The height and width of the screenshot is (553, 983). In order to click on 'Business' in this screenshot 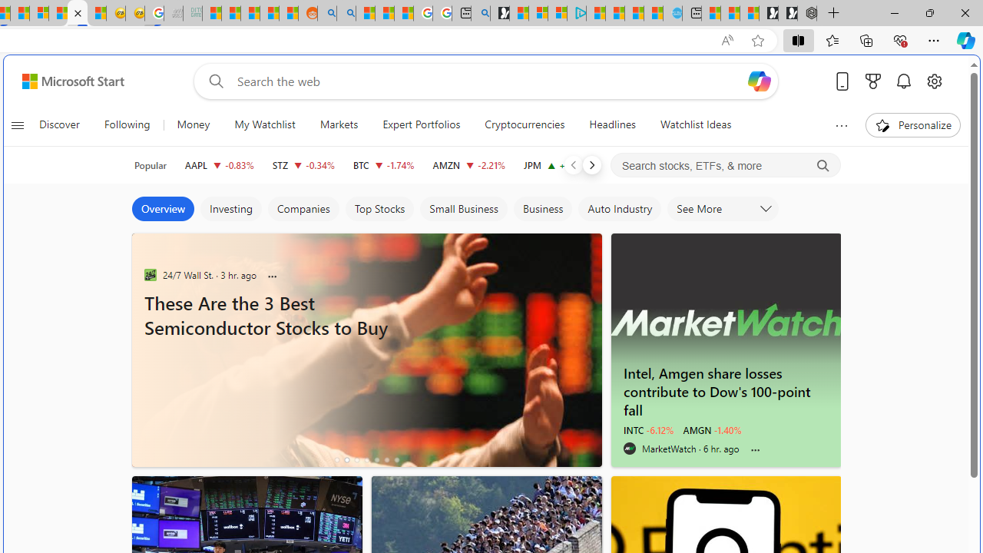, I will do `click(543, 209)`.